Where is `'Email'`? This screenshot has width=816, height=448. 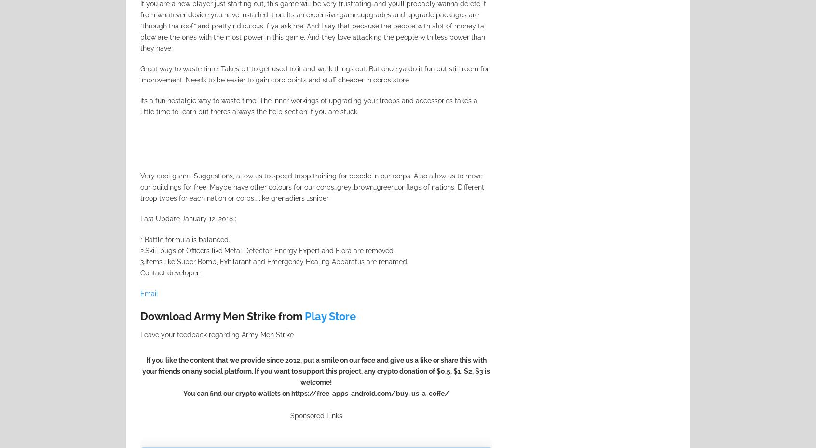 'Email' is located at coordinates (149, 293).